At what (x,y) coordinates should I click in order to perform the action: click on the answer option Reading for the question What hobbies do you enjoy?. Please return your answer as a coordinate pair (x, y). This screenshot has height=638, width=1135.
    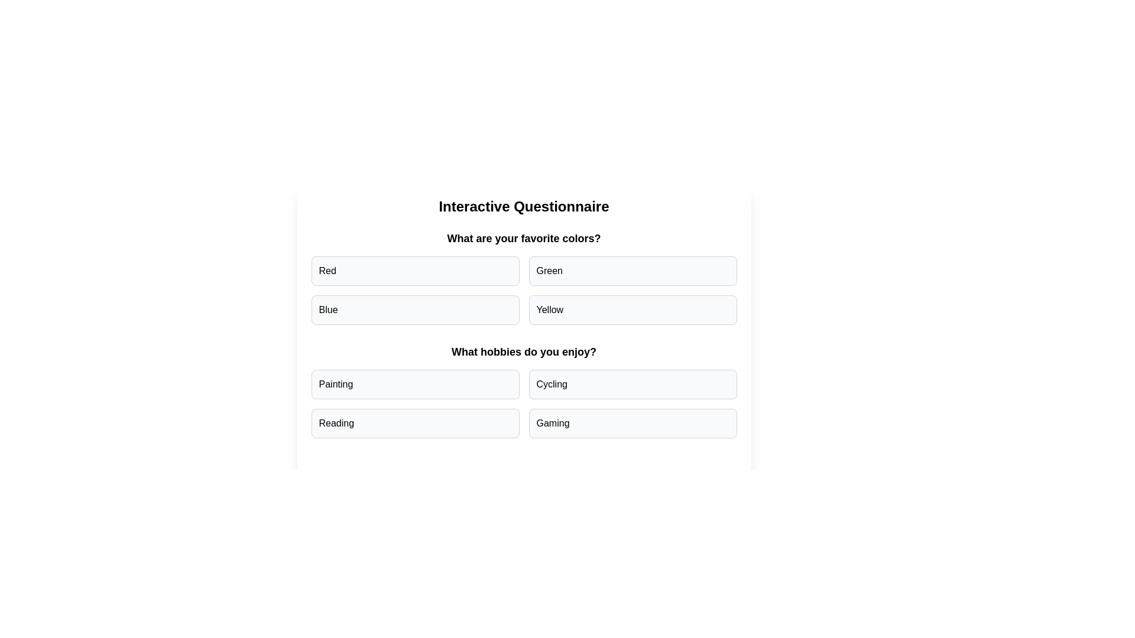
    Looking at the image, I should click on (415, 423).